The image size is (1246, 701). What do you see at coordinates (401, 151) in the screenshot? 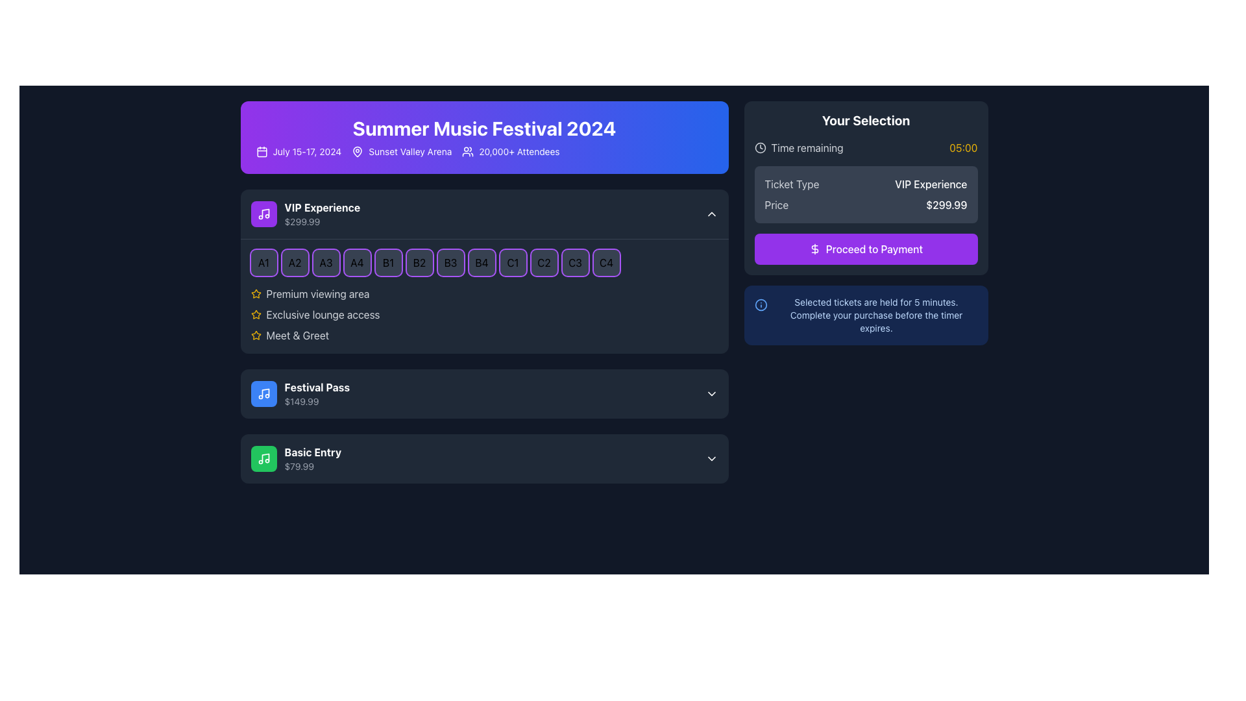
I see `text of the location information label below the main title 'Summer Music Festival 2024', which follows the date 'July 15-17, 2024'` at bounding box center [401, 151].